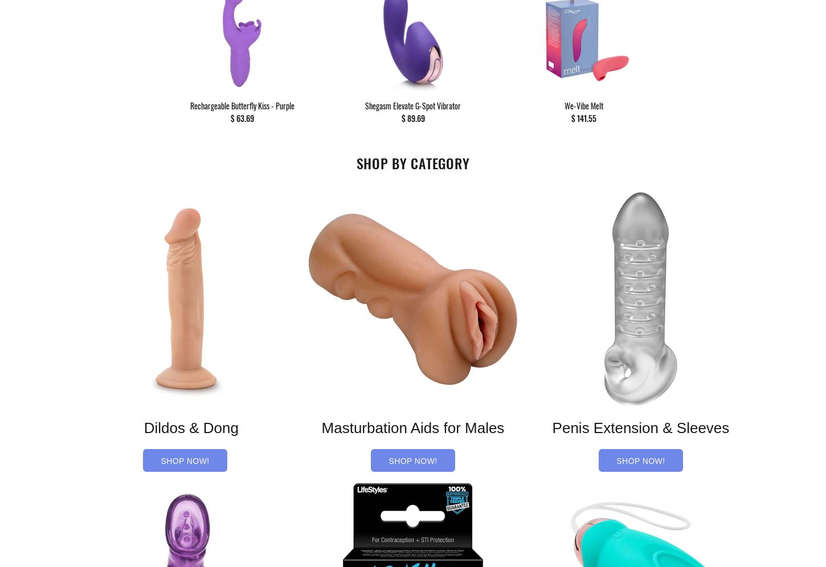 This screenshot has height=567, width=826. Describe the element at coordinates (412, 427) in the screenshot. I see `'Masturbation Aids for Males'` at that location.